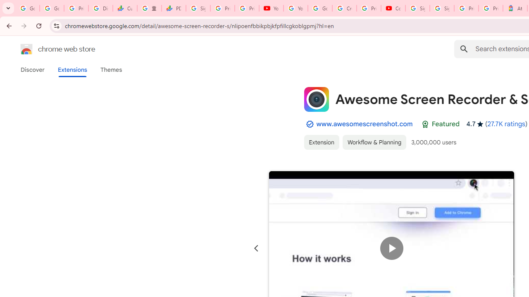  I want to click on 'Previous slide', so click(255, 248).